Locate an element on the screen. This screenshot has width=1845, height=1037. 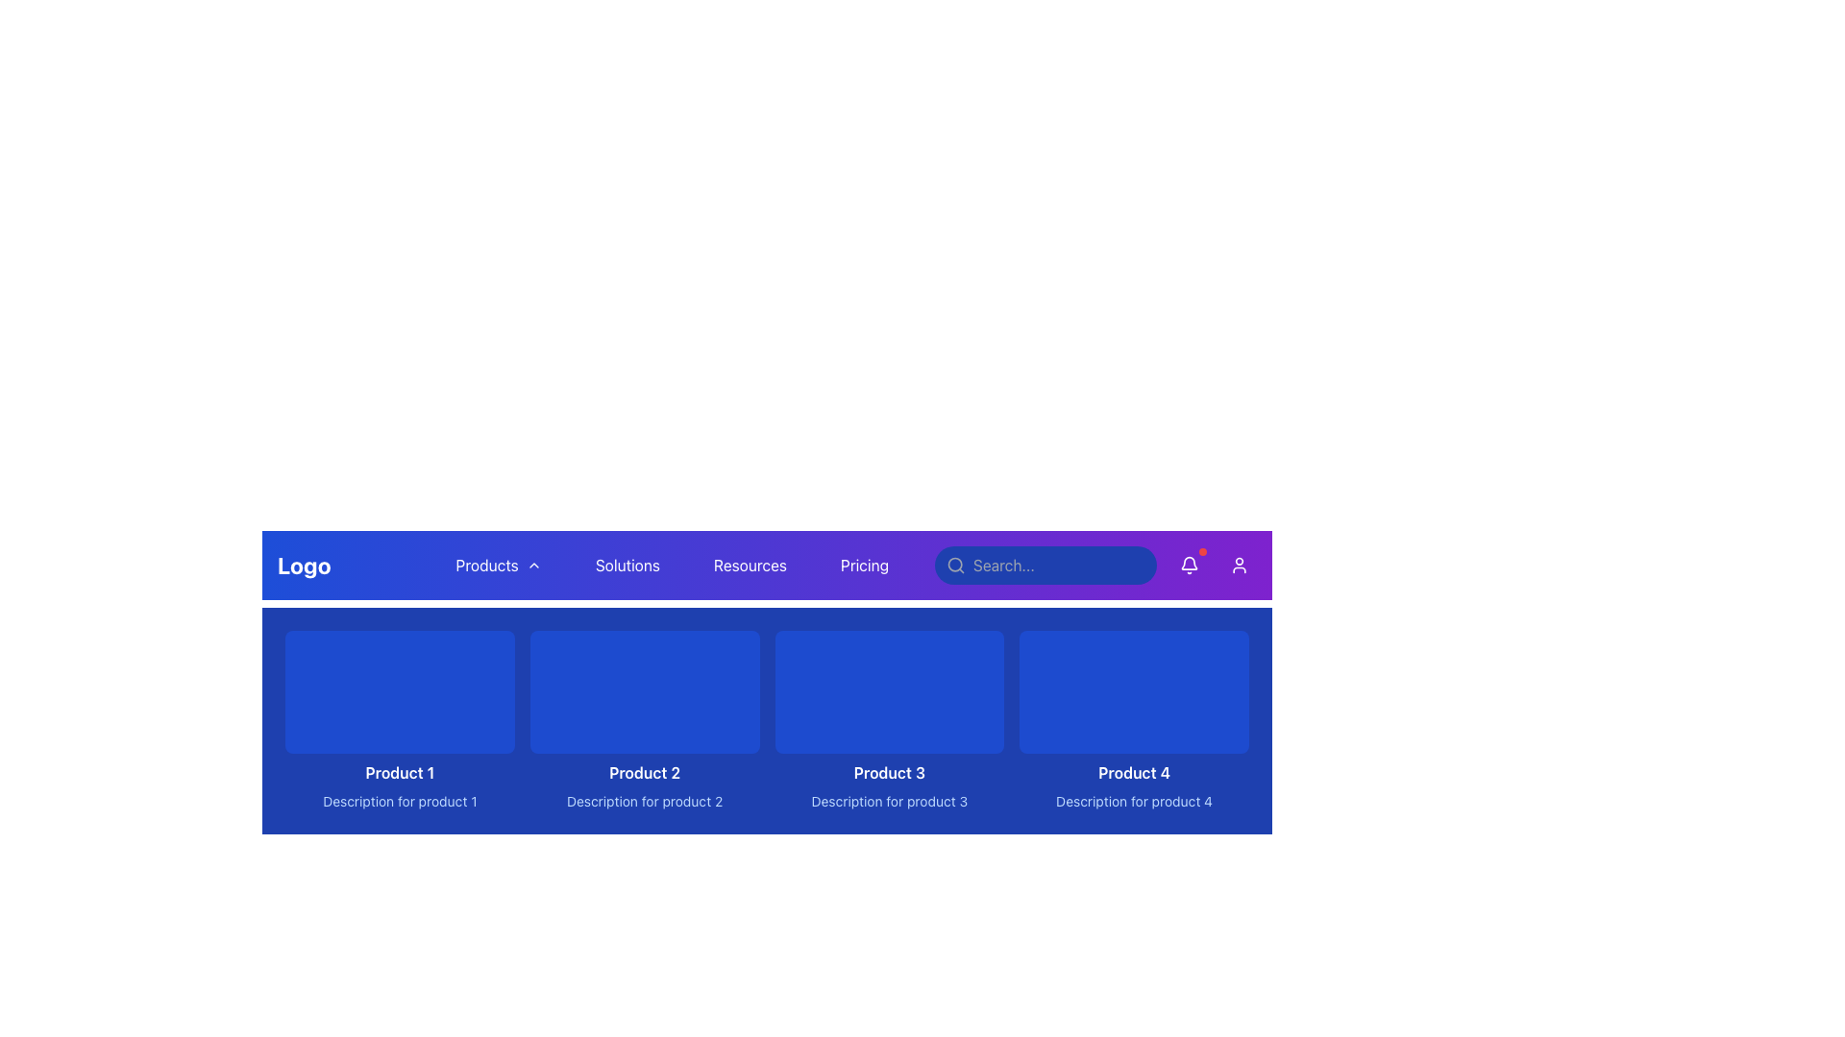
the static text label reading 'Description for product 2', which is styled with 'text-sm text-blue-200' and located below the 'Product 2' label in the second column of product containers is located at coordinates (645, 801).